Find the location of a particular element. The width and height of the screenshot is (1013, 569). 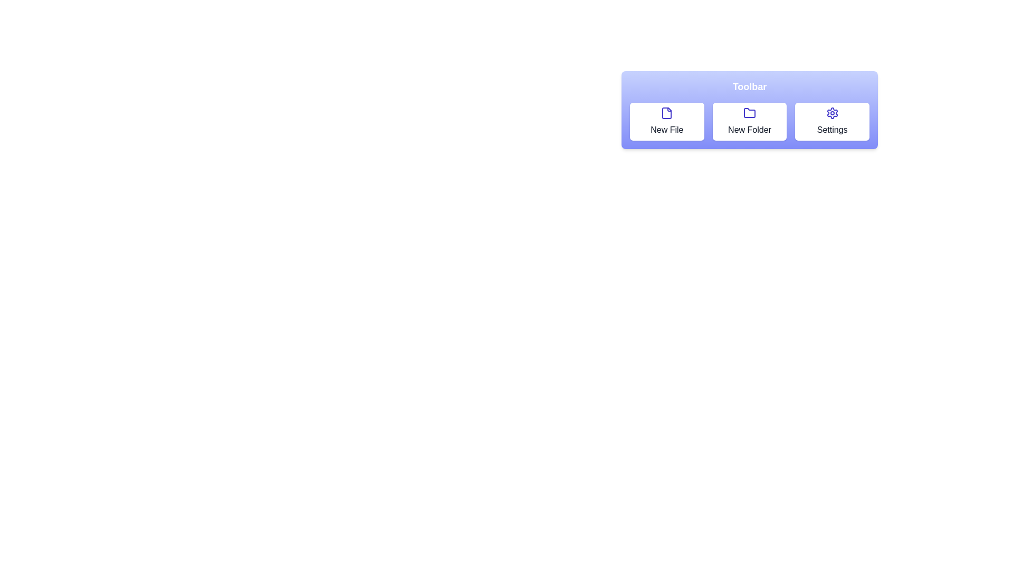

the 'New Folder' button, which is a rounded rectangular button with a white background and an indigo hover state, located in the middle of a horizontal toolbar is located at coordinates (749, 121).